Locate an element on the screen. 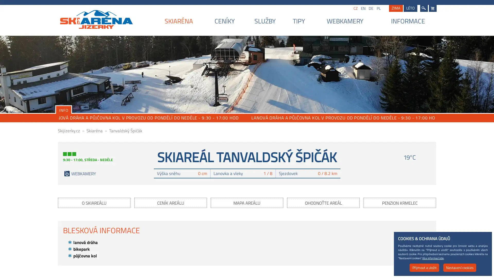 This screenshot has height=278, width=494. Prijmout a ulozit is located at coordinates (424, 267).